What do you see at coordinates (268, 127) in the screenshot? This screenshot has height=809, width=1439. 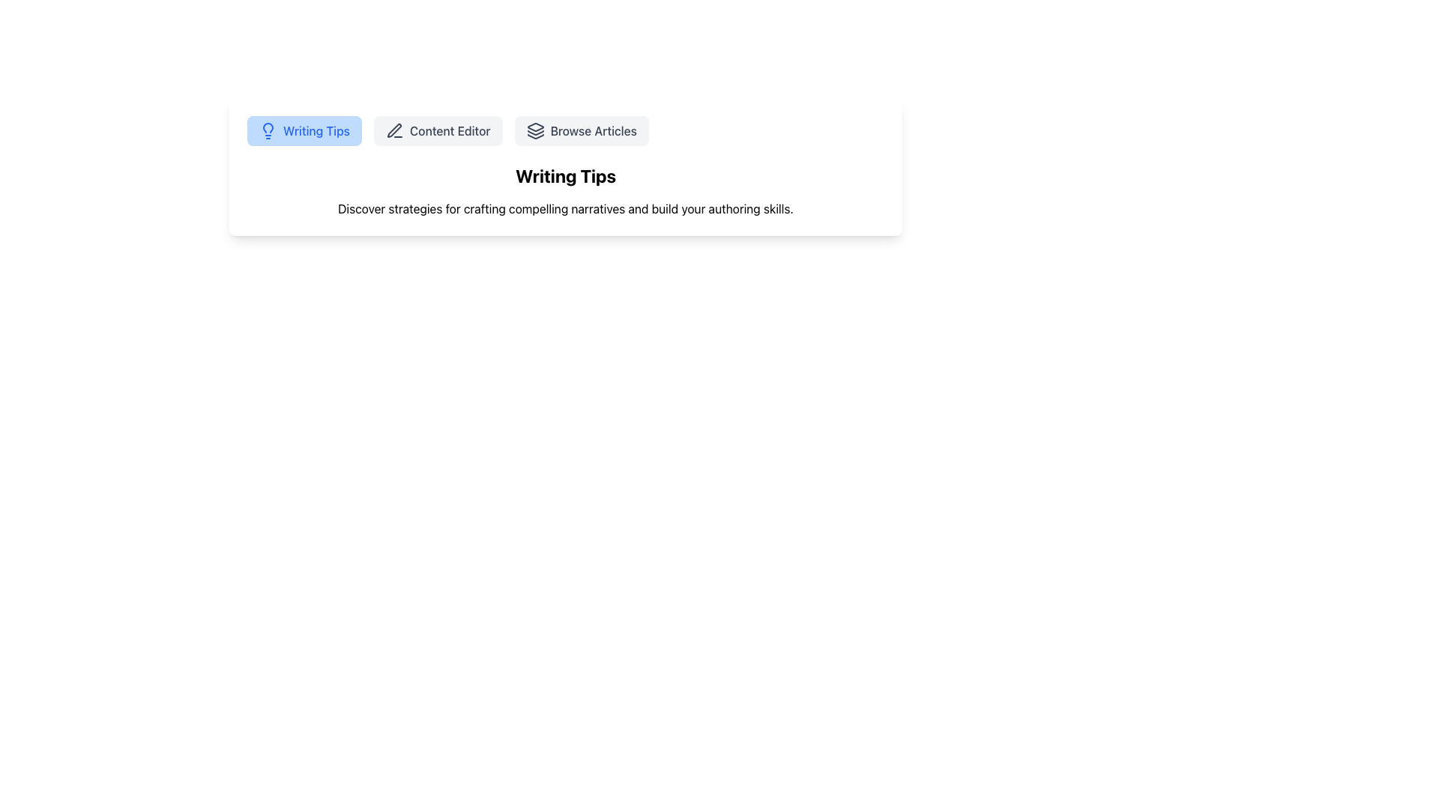 I see `uppermost curved stroke of the SVG lightbulb icon, which is part of the button labeled 'Writing Tips'` at bounding box center [268, 127].